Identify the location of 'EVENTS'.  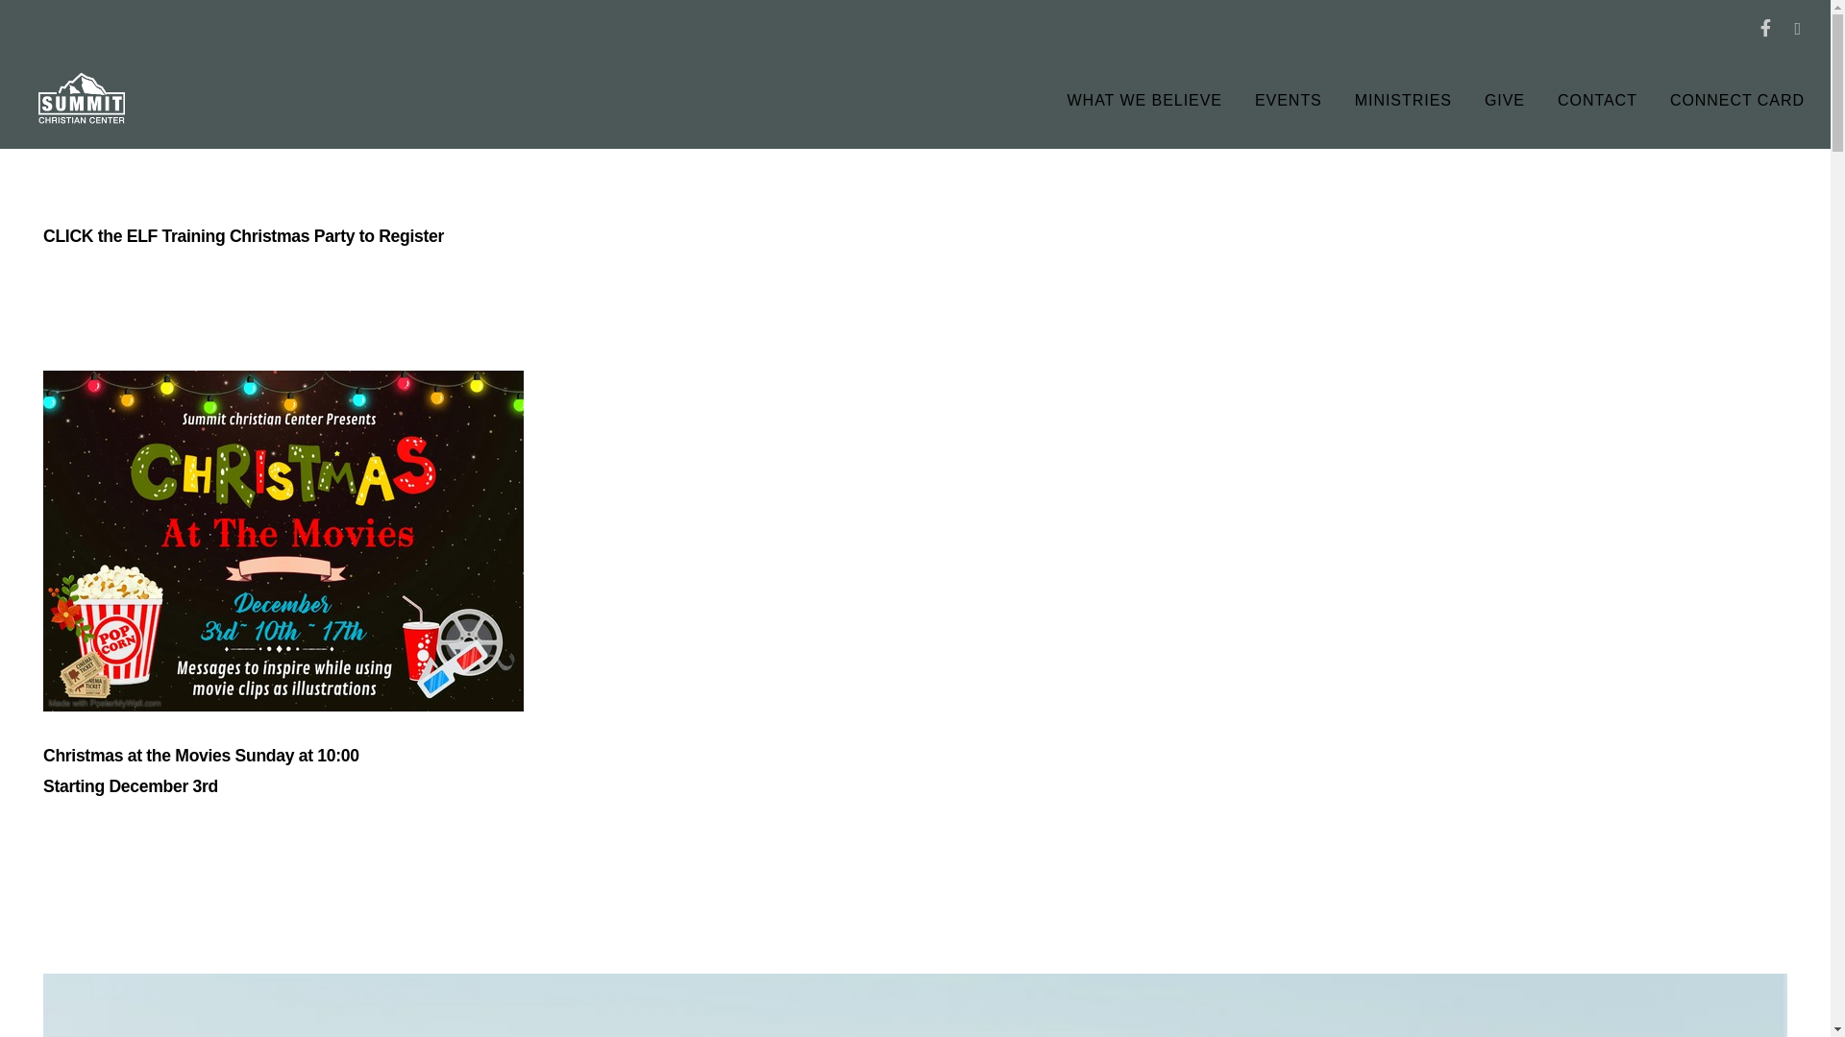
(1288, 100).